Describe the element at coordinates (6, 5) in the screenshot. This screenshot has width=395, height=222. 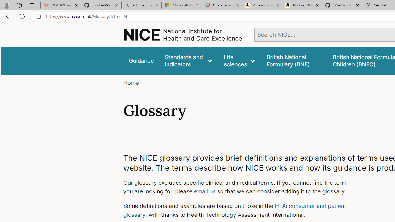
I see `'Personal Profile'` at that location.